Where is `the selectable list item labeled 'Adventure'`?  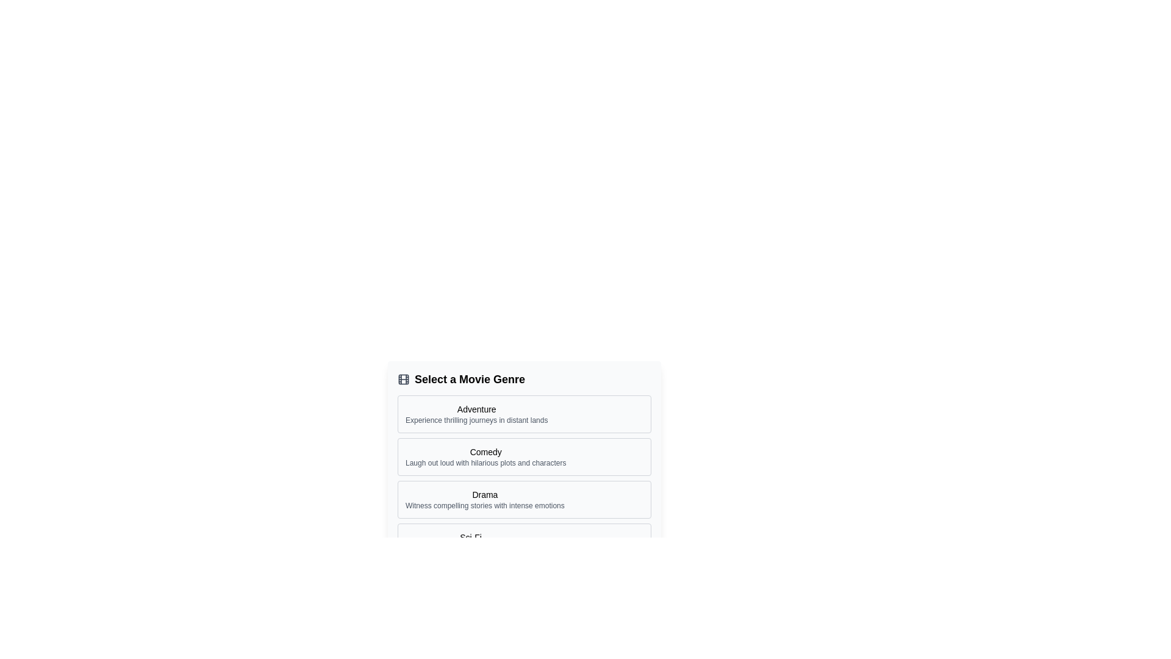
the selectable list item labeled 'Adventure' is located at coordinates (524, 413).